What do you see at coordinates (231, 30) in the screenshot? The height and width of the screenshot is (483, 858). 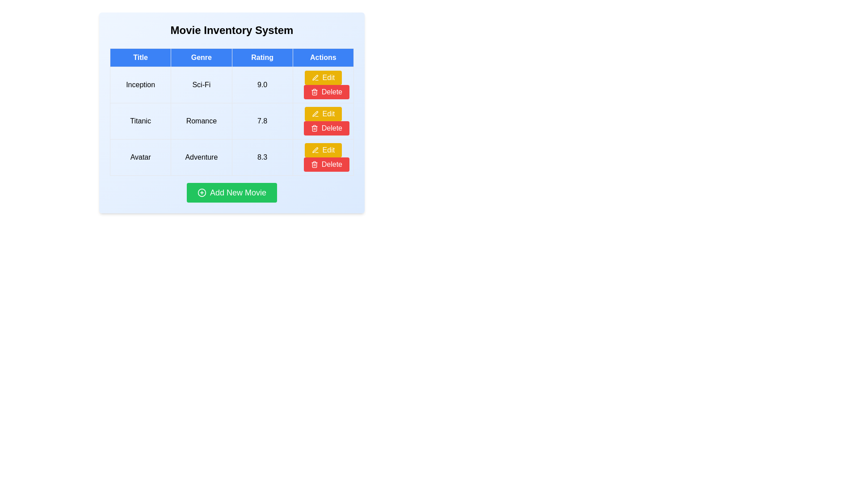 I see `the Header/Text component that indicates the purpose of the interface, located above the movie-related data table, to observe any dynamic effects` at bounding box center [231, 30].